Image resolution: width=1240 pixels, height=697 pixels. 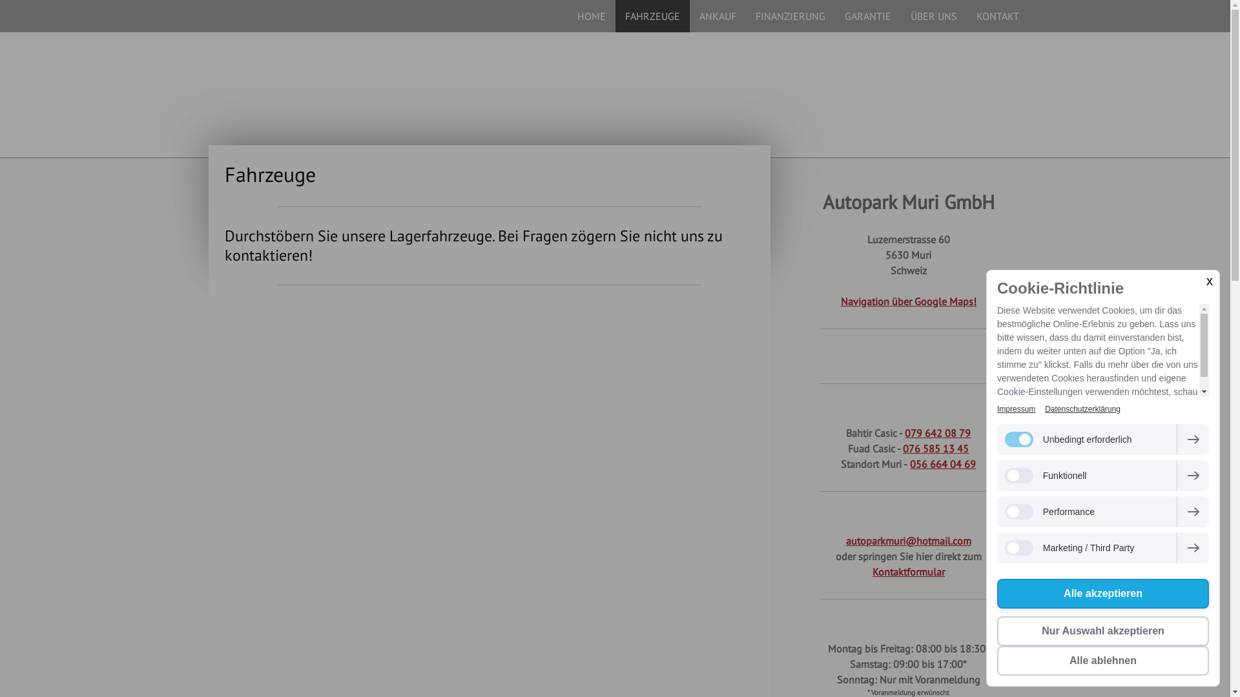 I want to click on 'FAHRZEUGE', so click(x=652, y=15).